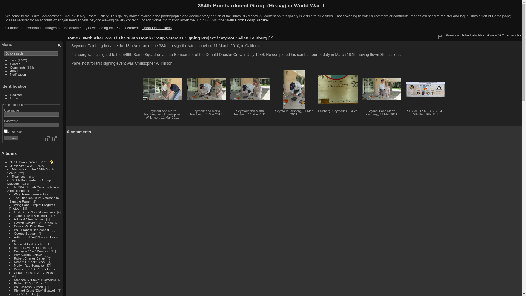  Describe the element at coordinates (24, 294) in the screenshot. I see `'Jack V Carella'` at that location.